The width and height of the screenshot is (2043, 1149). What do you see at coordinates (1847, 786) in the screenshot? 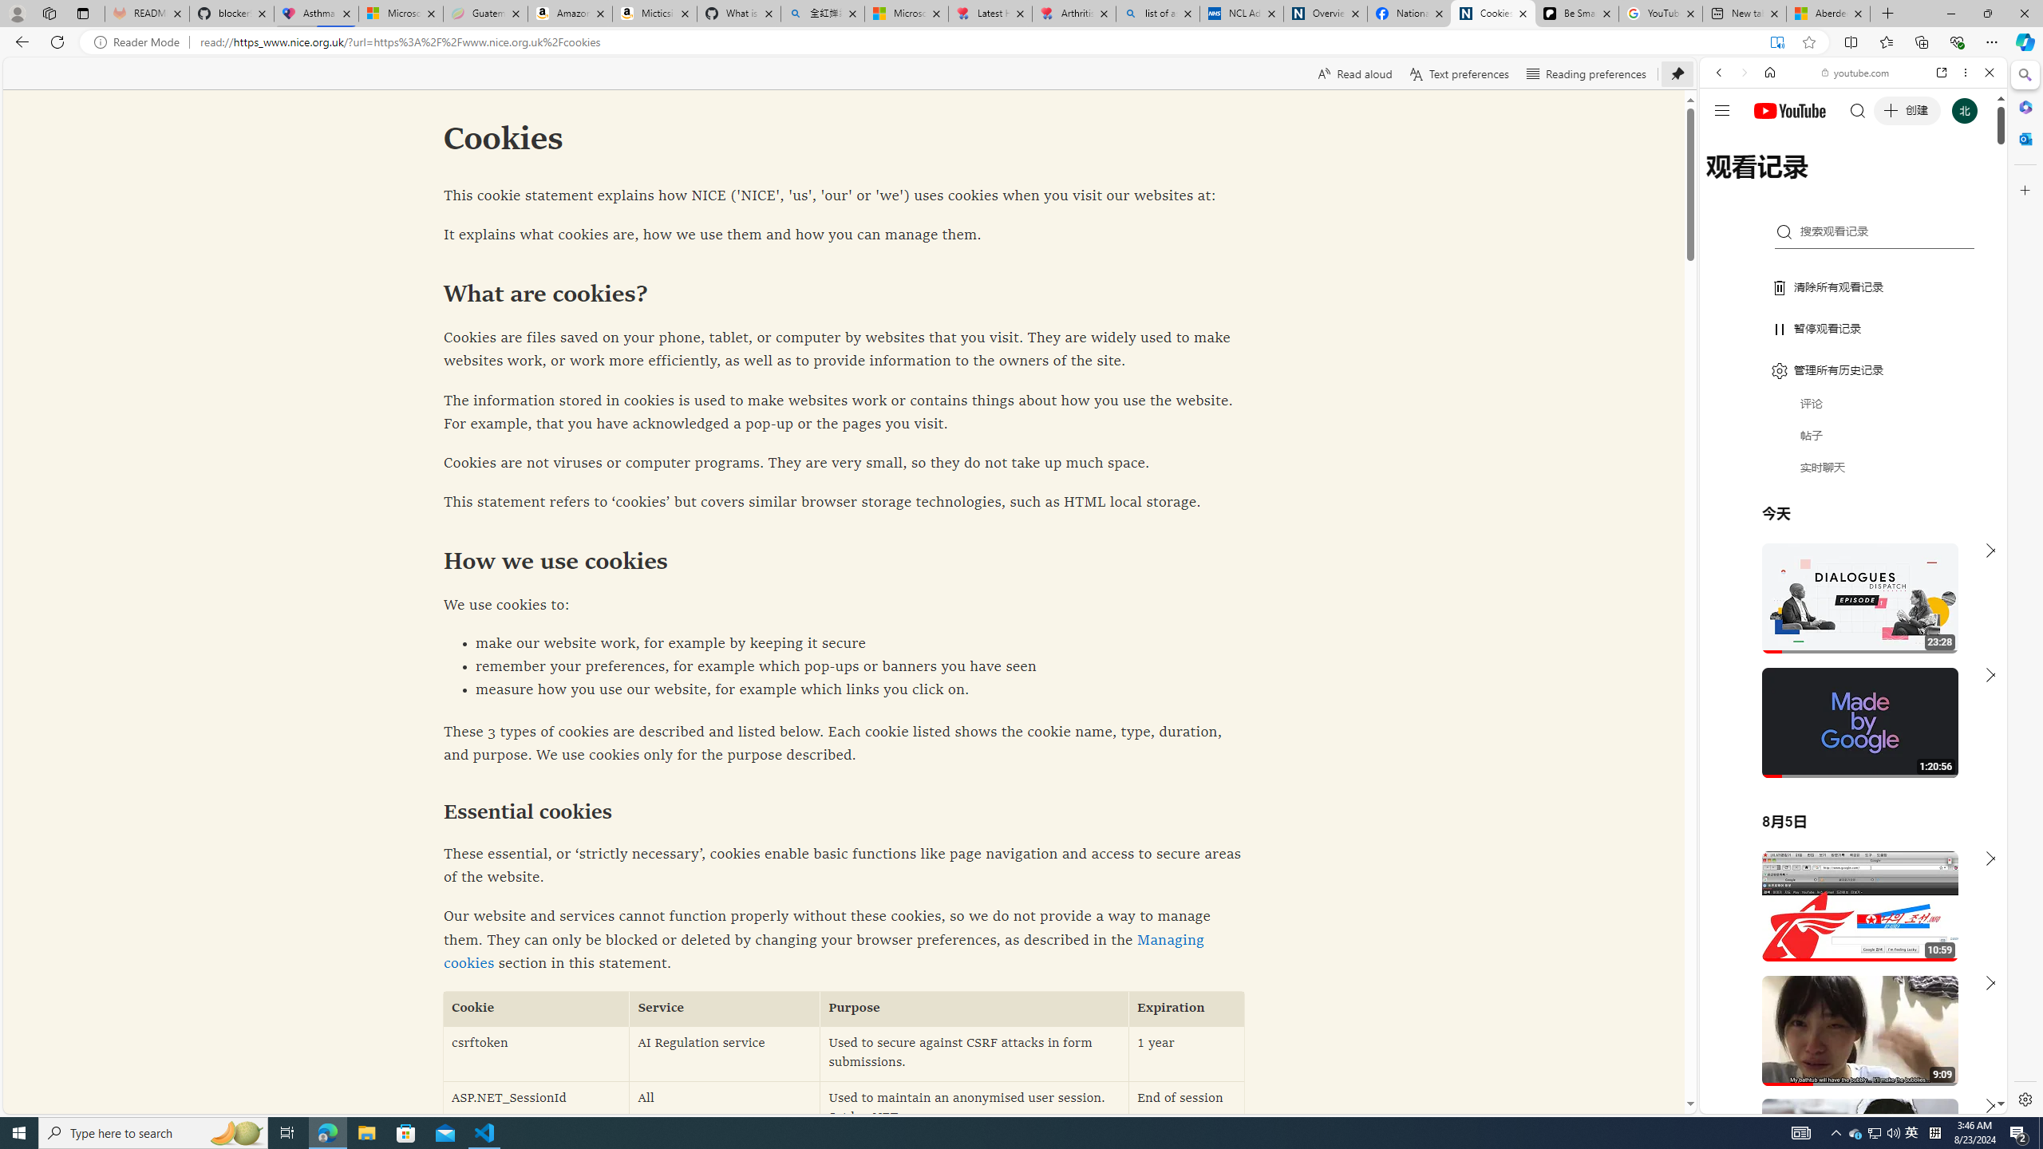
I see `'YouTube - YouTube'` at bounding box center [1847, 786].